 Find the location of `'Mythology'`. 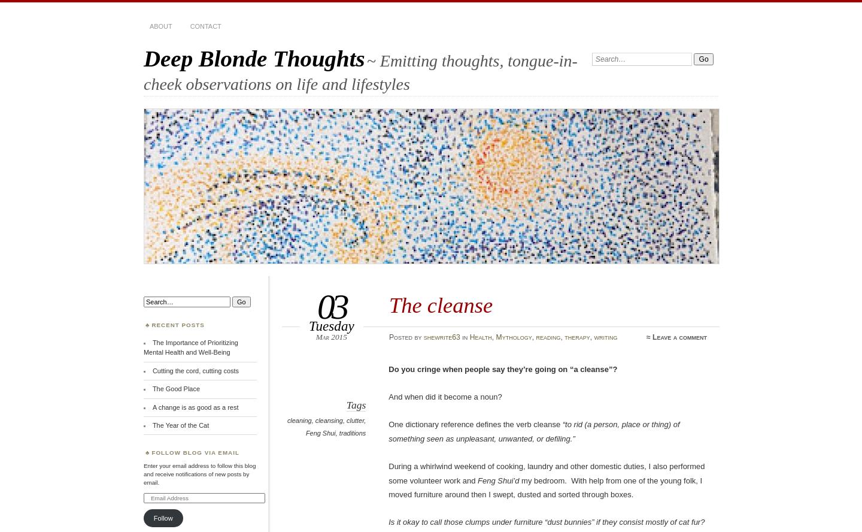

'Mythology' is located at coordinates (495, 337).